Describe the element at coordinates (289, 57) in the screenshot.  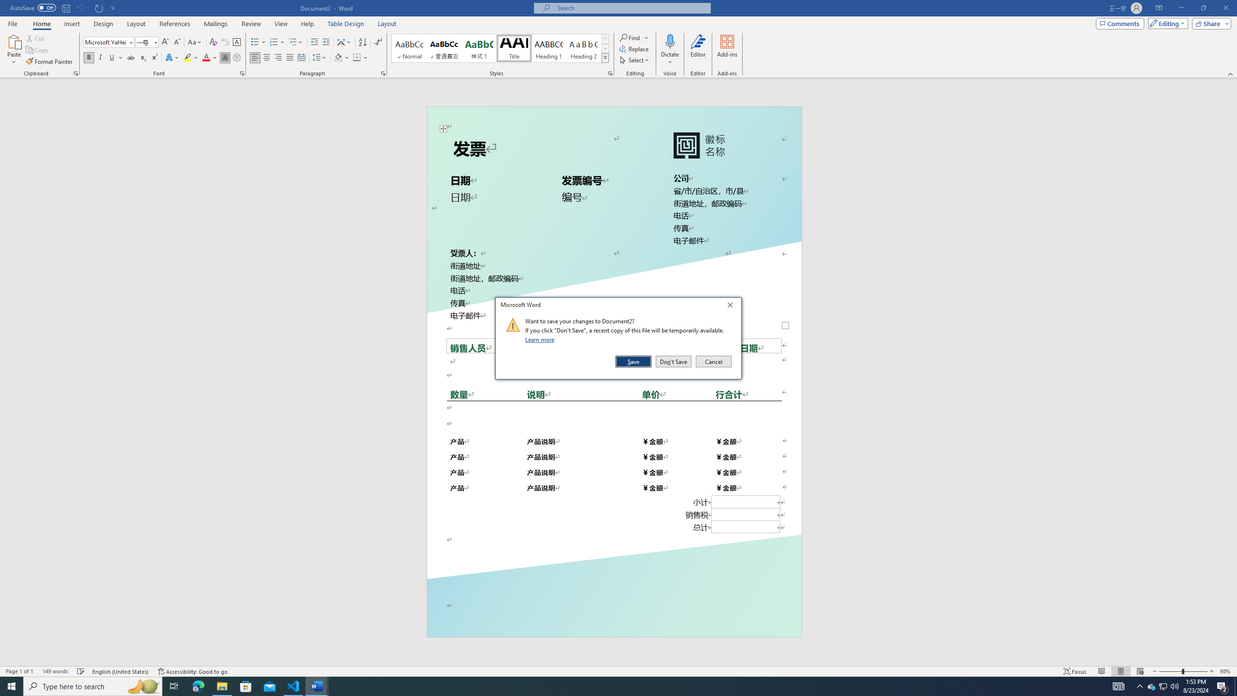
I see `'Justify'` at that location.